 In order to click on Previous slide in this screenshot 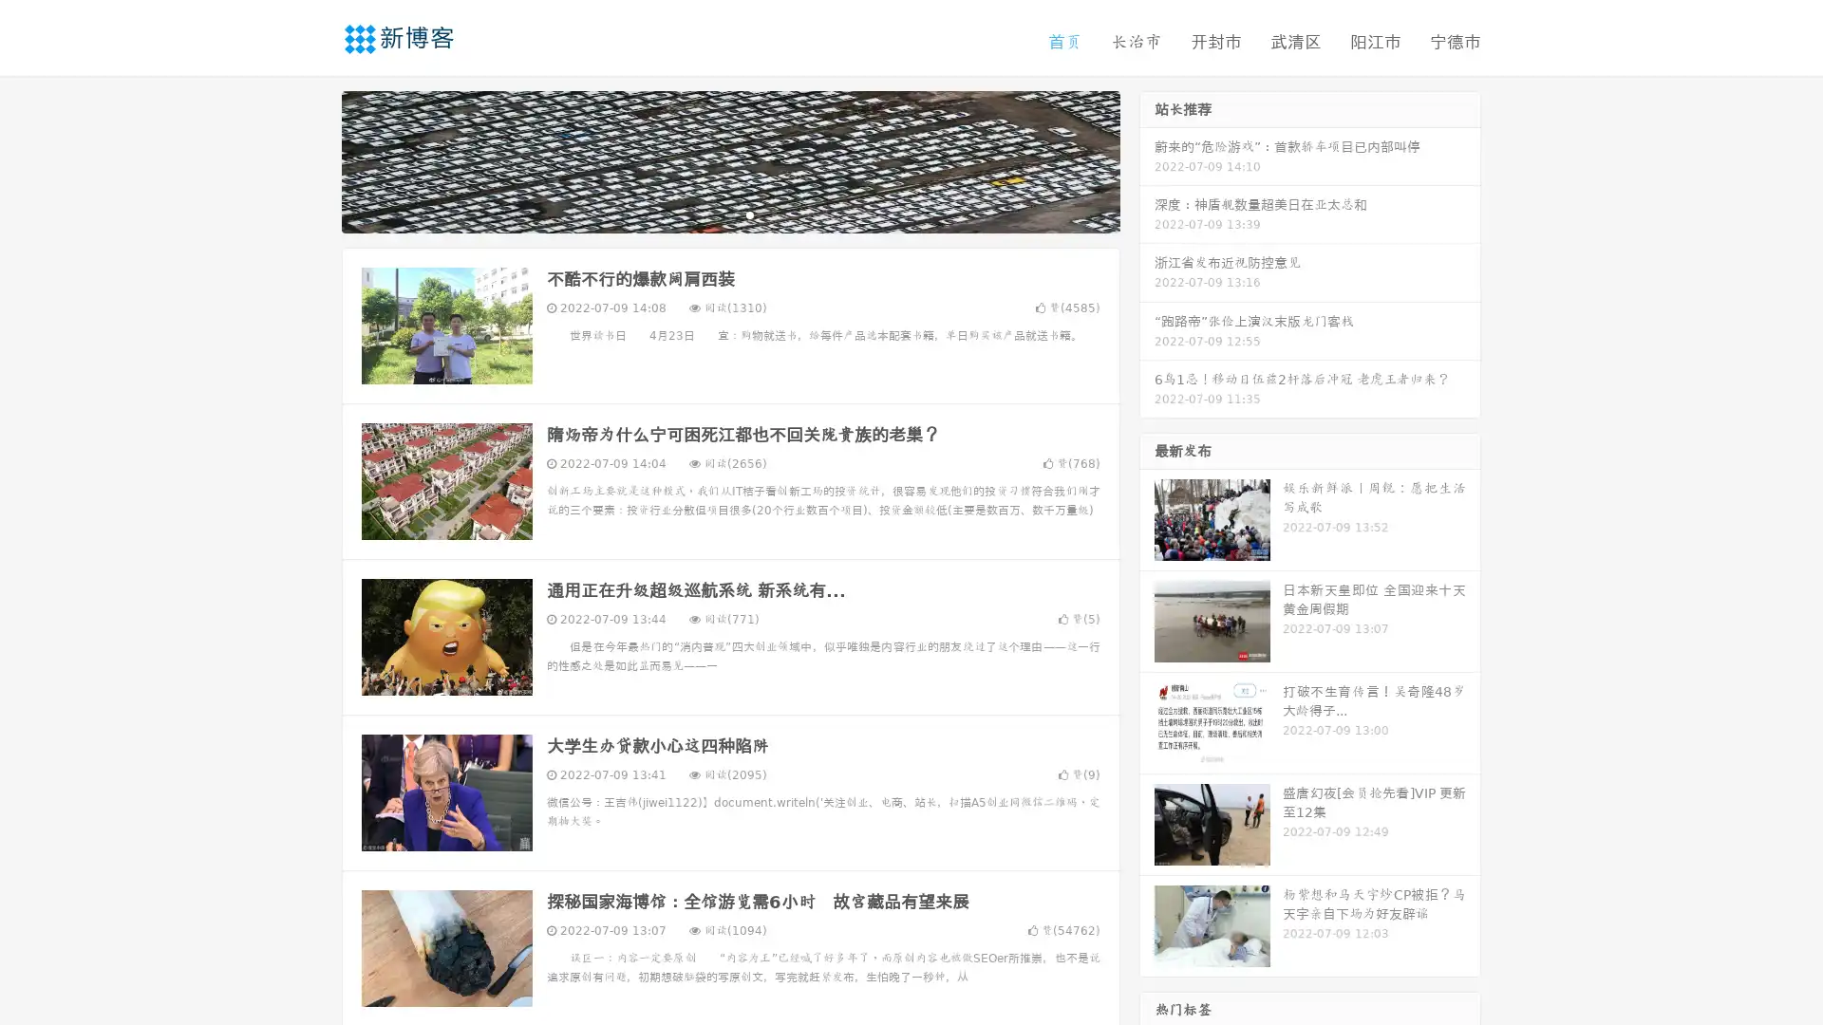, I will do `click(313, 159)`.